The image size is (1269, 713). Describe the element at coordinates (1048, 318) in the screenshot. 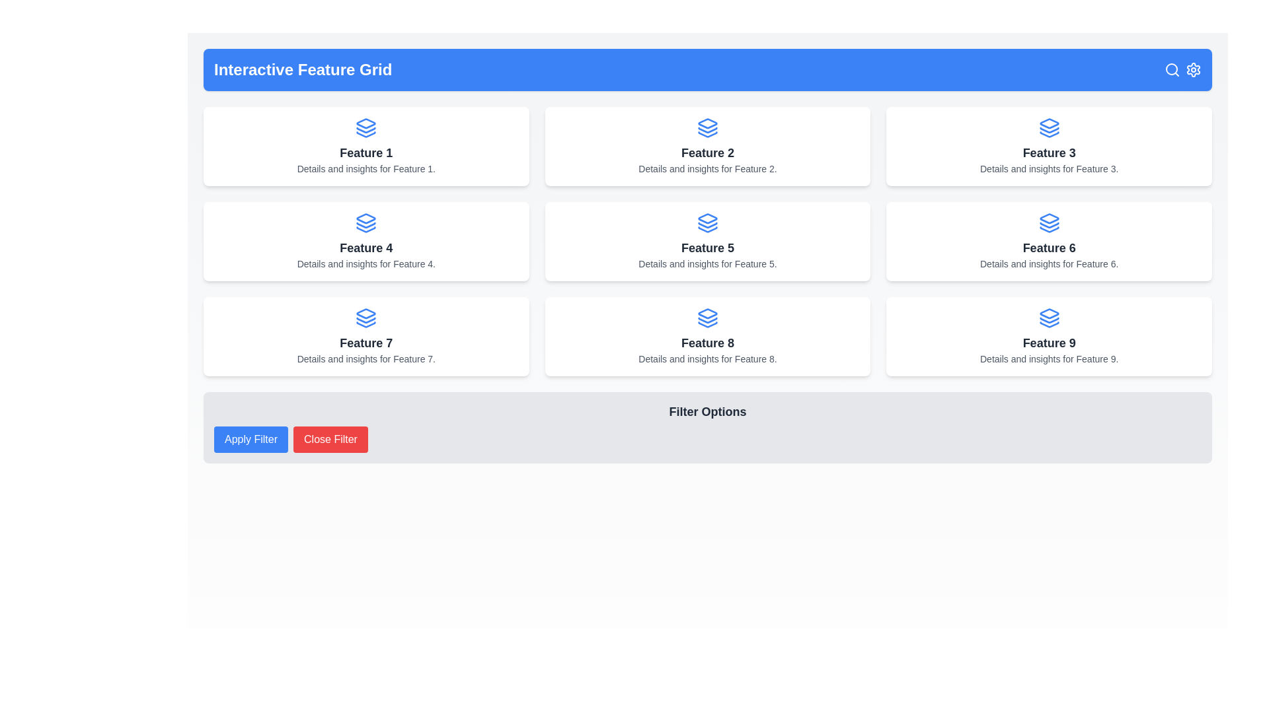

I see `the icon representing 'Feature 9' located at the top-center of the card in the bottom-right corner of the 3x3 grid layout` at that location.